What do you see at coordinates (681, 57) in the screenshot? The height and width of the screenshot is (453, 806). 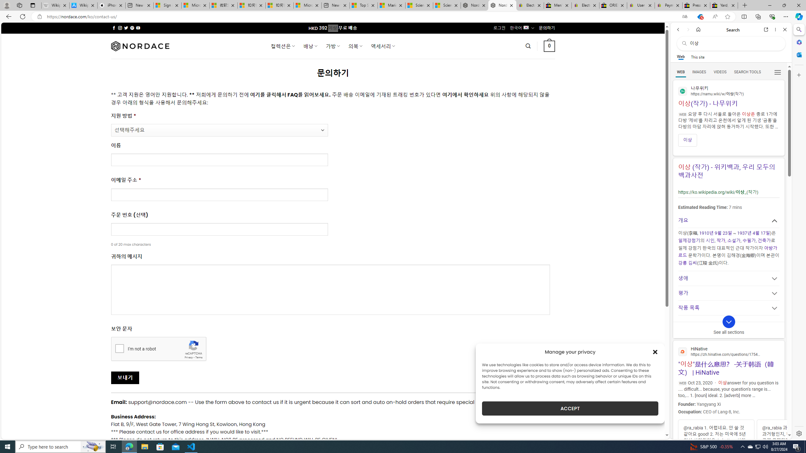 I see `'Web scope'` at bounding box center [681, 57].